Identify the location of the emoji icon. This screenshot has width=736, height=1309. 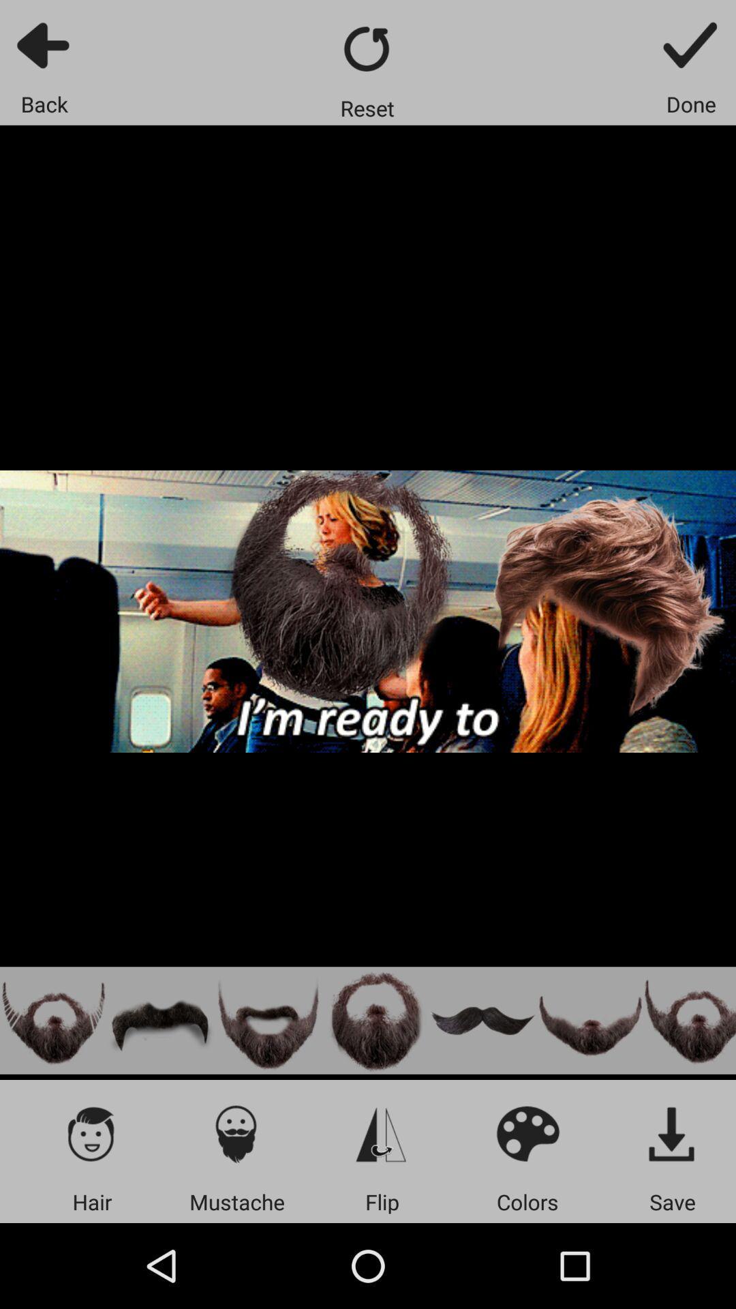
(527, 1133).